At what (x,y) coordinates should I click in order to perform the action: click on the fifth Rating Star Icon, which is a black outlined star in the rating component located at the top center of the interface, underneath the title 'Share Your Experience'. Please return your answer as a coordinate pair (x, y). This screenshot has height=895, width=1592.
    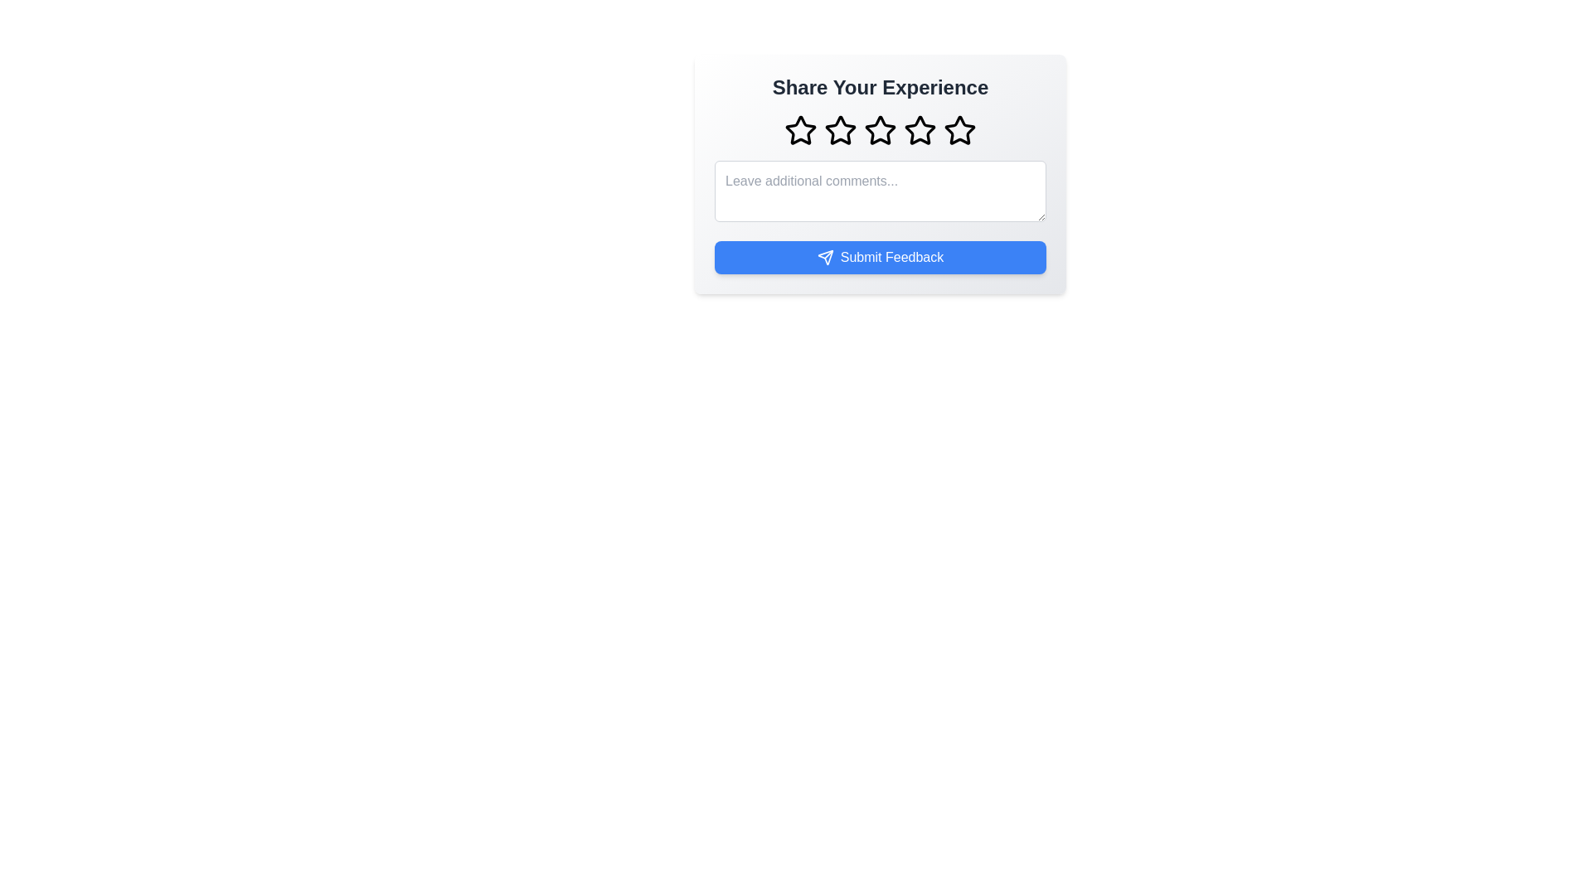
    Looking at the image, I should click on (959, 129).